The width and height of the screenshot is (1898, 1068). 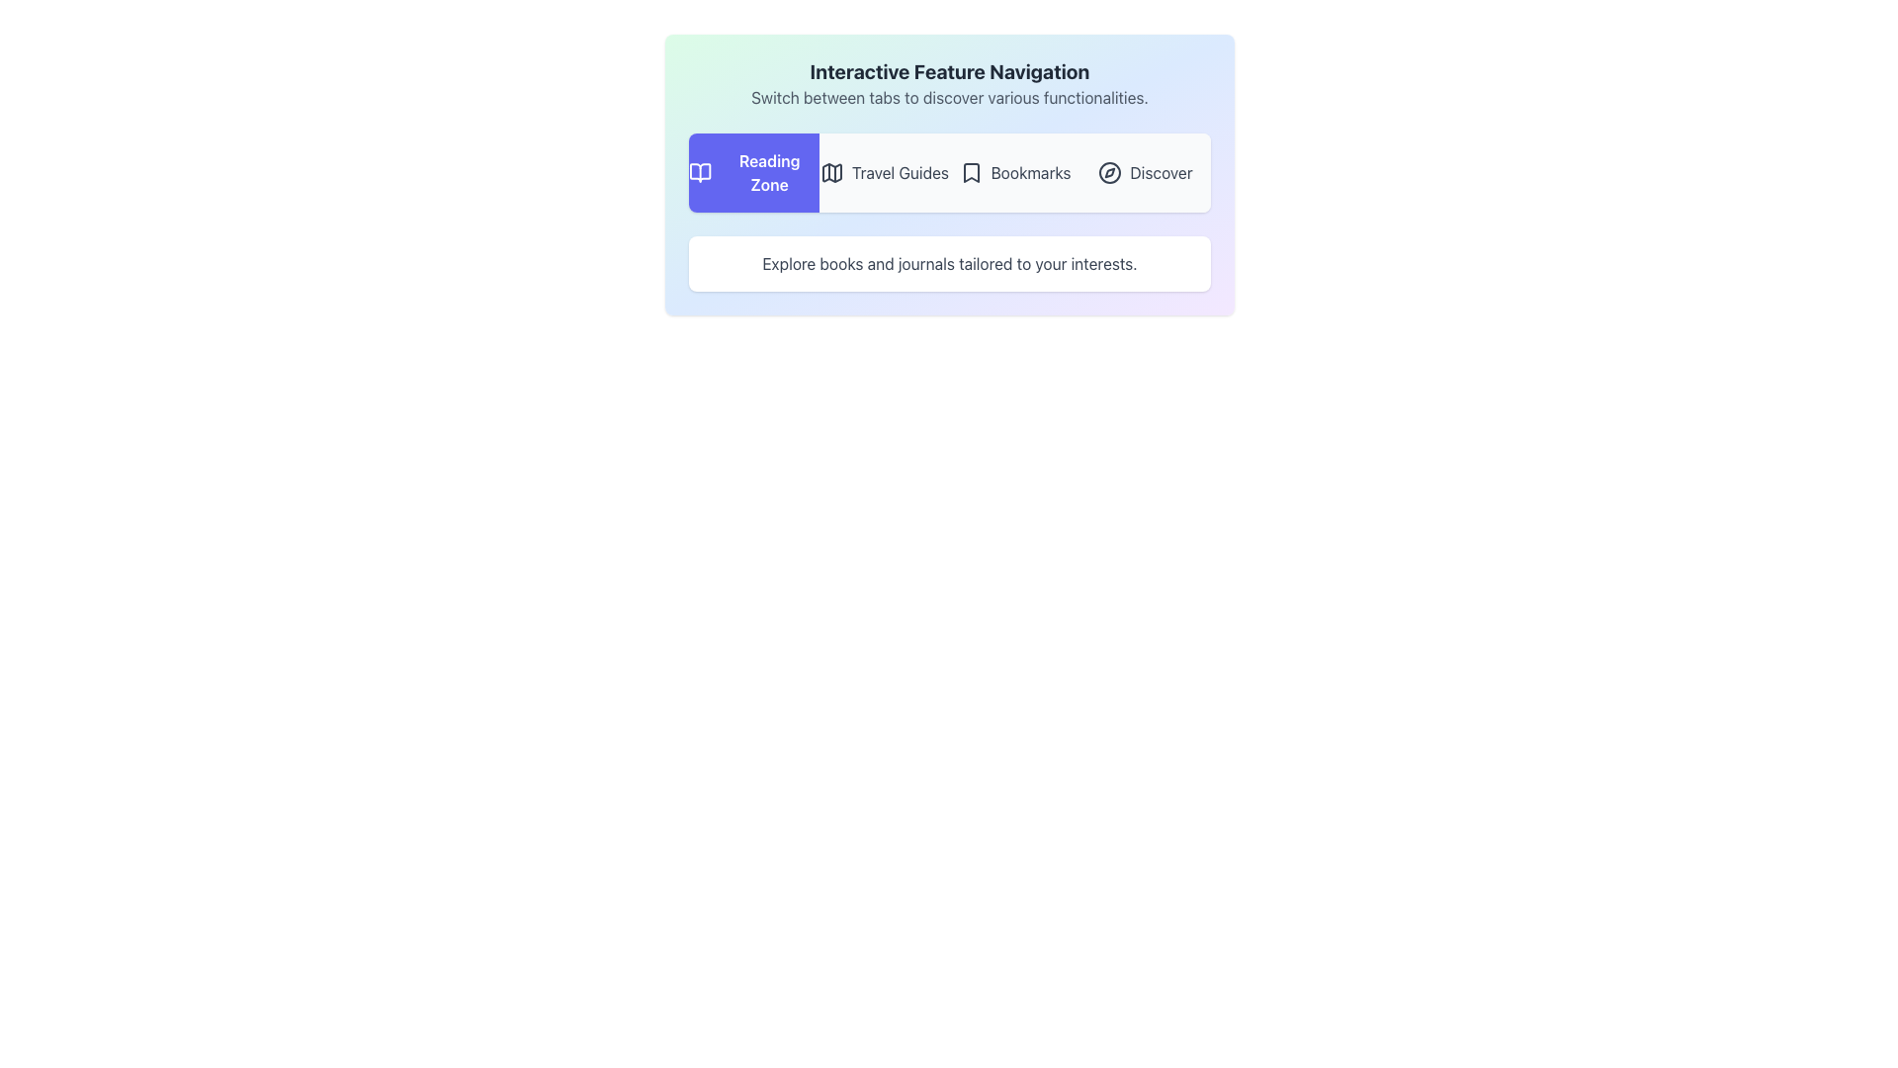 What do you see at coordinates (883, 171) in the screenshot?
I see `the navigation button for 'Travel Guides' located in the horizontal navigation bar, positioned between 'Reading Zone' and 'Bookmarks'` at bounding box center [883, 171].